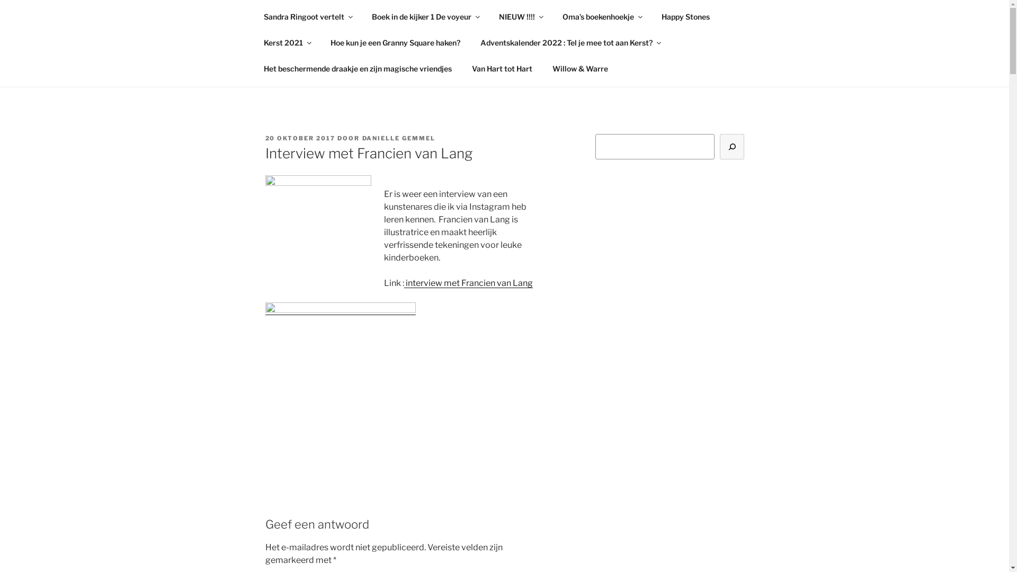  What do you see at coordinates (403, 282) in the screenshot?
I see `'interview met Francien van Lang'` at bounding box center [403, 282].